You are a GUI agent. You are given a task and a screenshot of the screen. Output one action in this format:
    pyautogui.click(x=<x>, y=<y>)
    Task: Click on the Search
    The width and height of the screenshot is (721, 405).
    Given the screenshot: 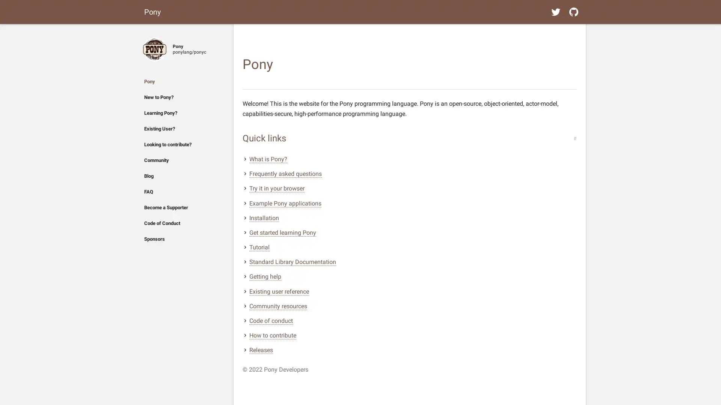 What is the action you would take?
    pyautogui.click(x=573, y=33)
    